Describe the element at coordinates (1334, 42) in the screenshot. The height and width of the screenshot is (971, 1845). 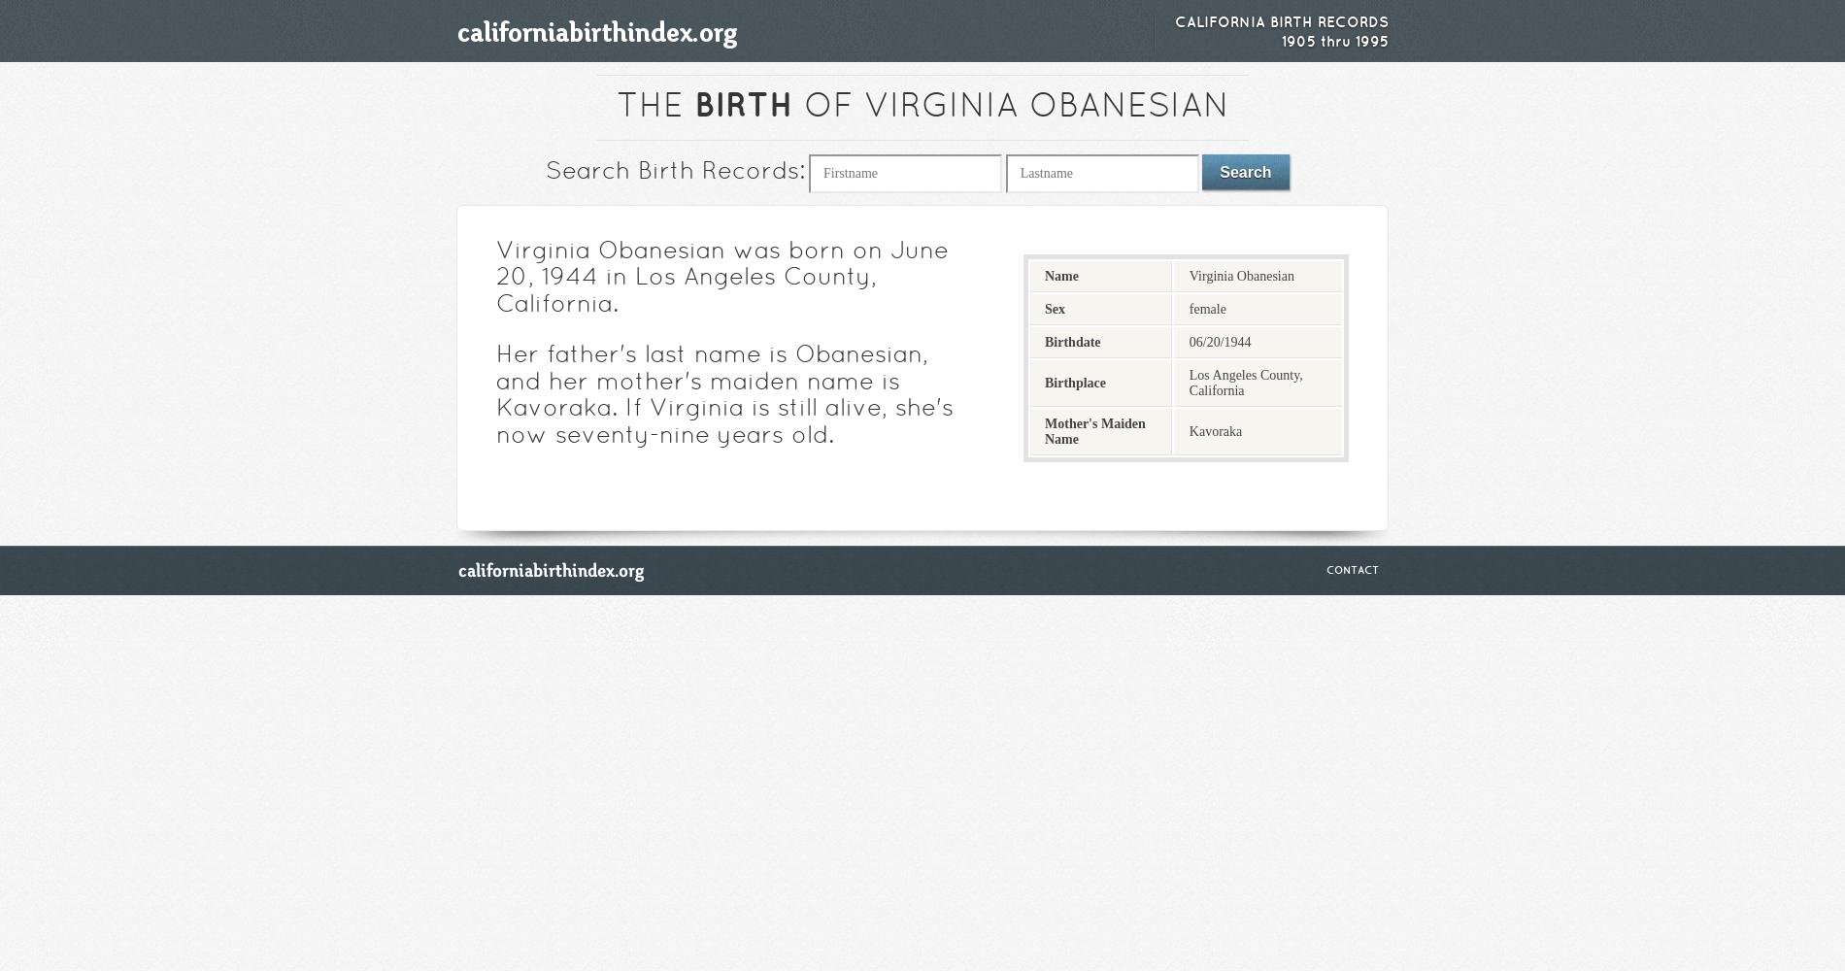
I see `'1905 thru 1995'` at that location.